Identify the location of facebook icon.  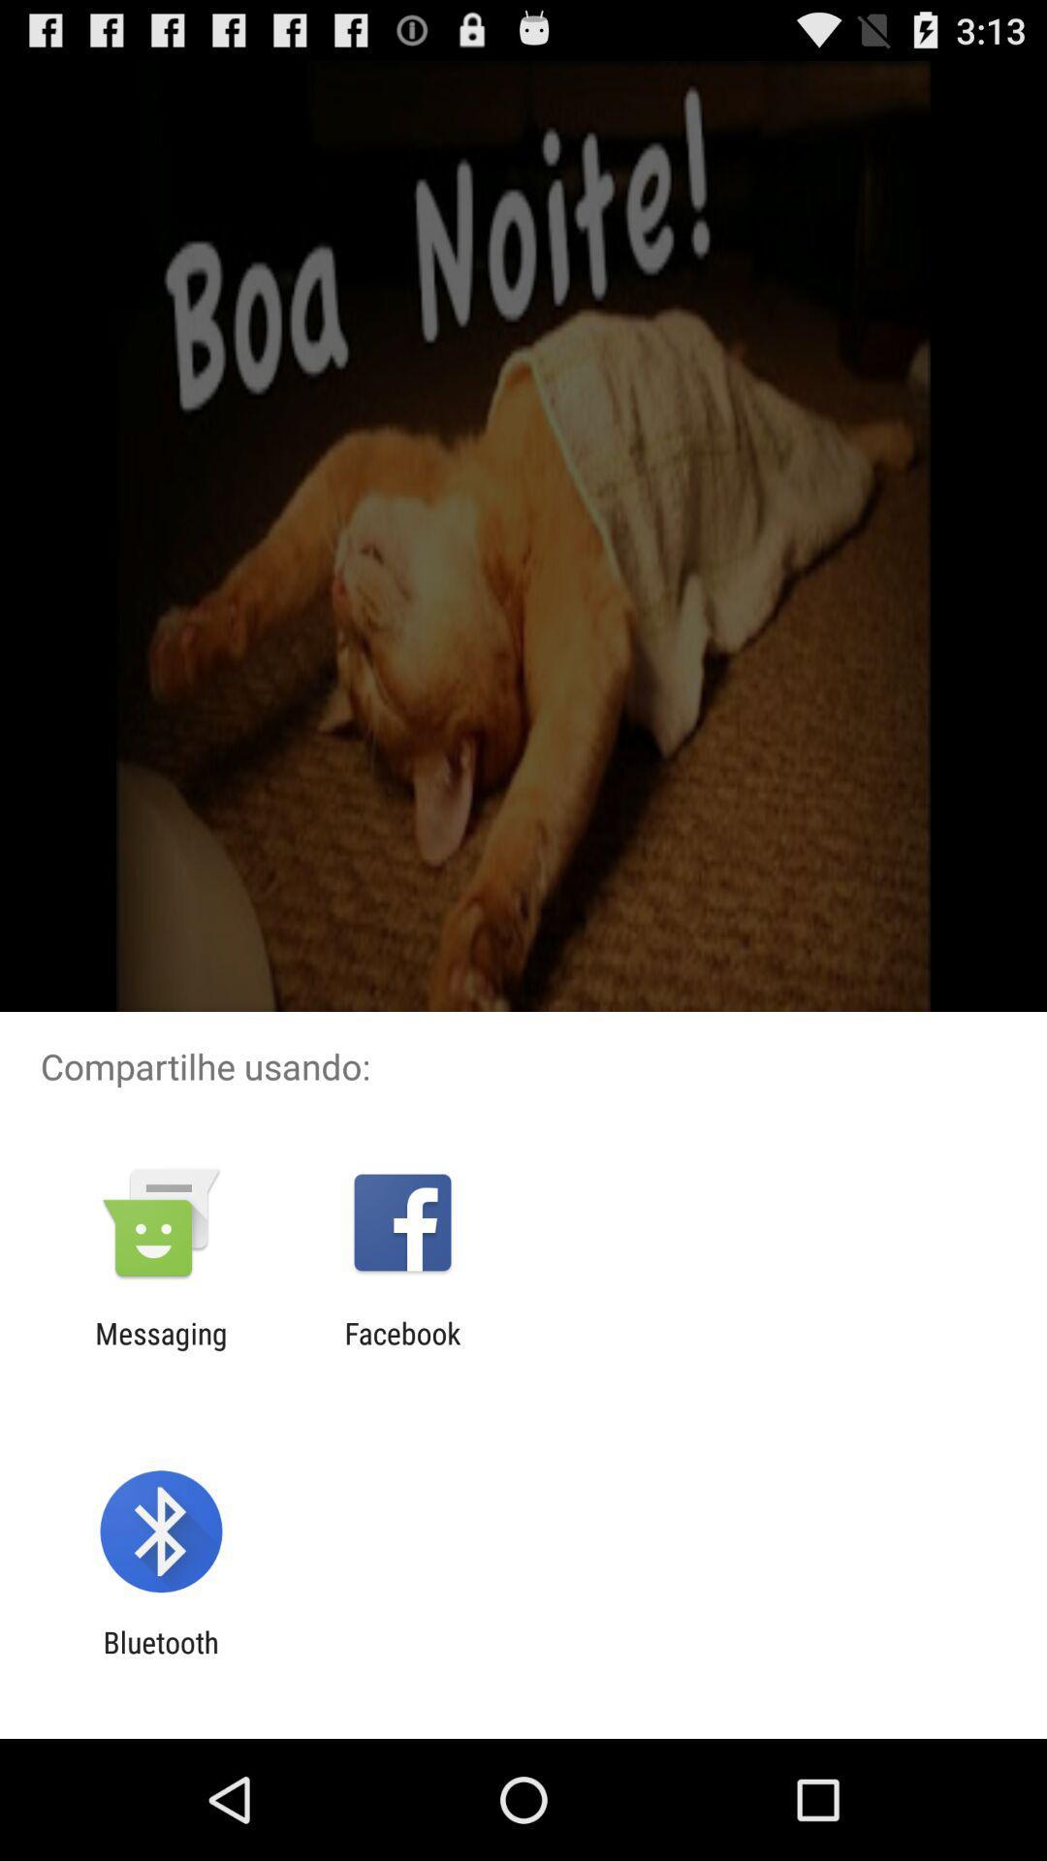
(401, 1349).